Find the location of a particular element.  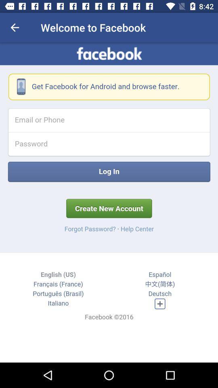

login is located at coordinates (109, 202).